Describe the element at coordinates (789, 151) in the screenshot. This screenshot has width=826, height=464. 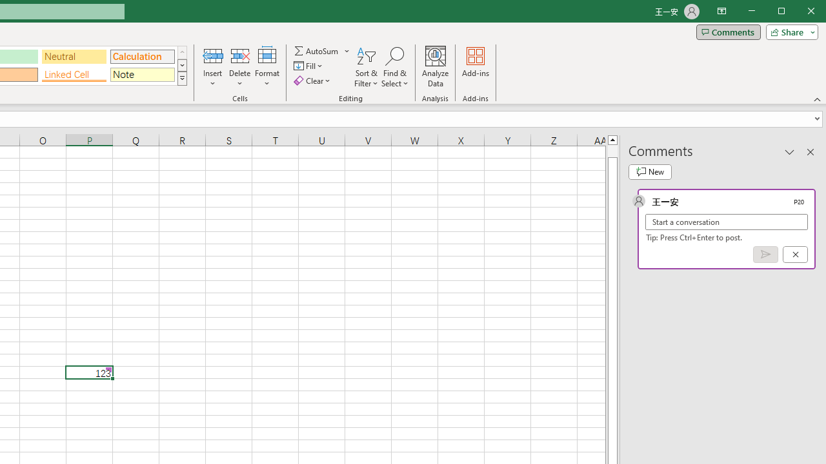
I see `'Task Pane Options'` at that location.